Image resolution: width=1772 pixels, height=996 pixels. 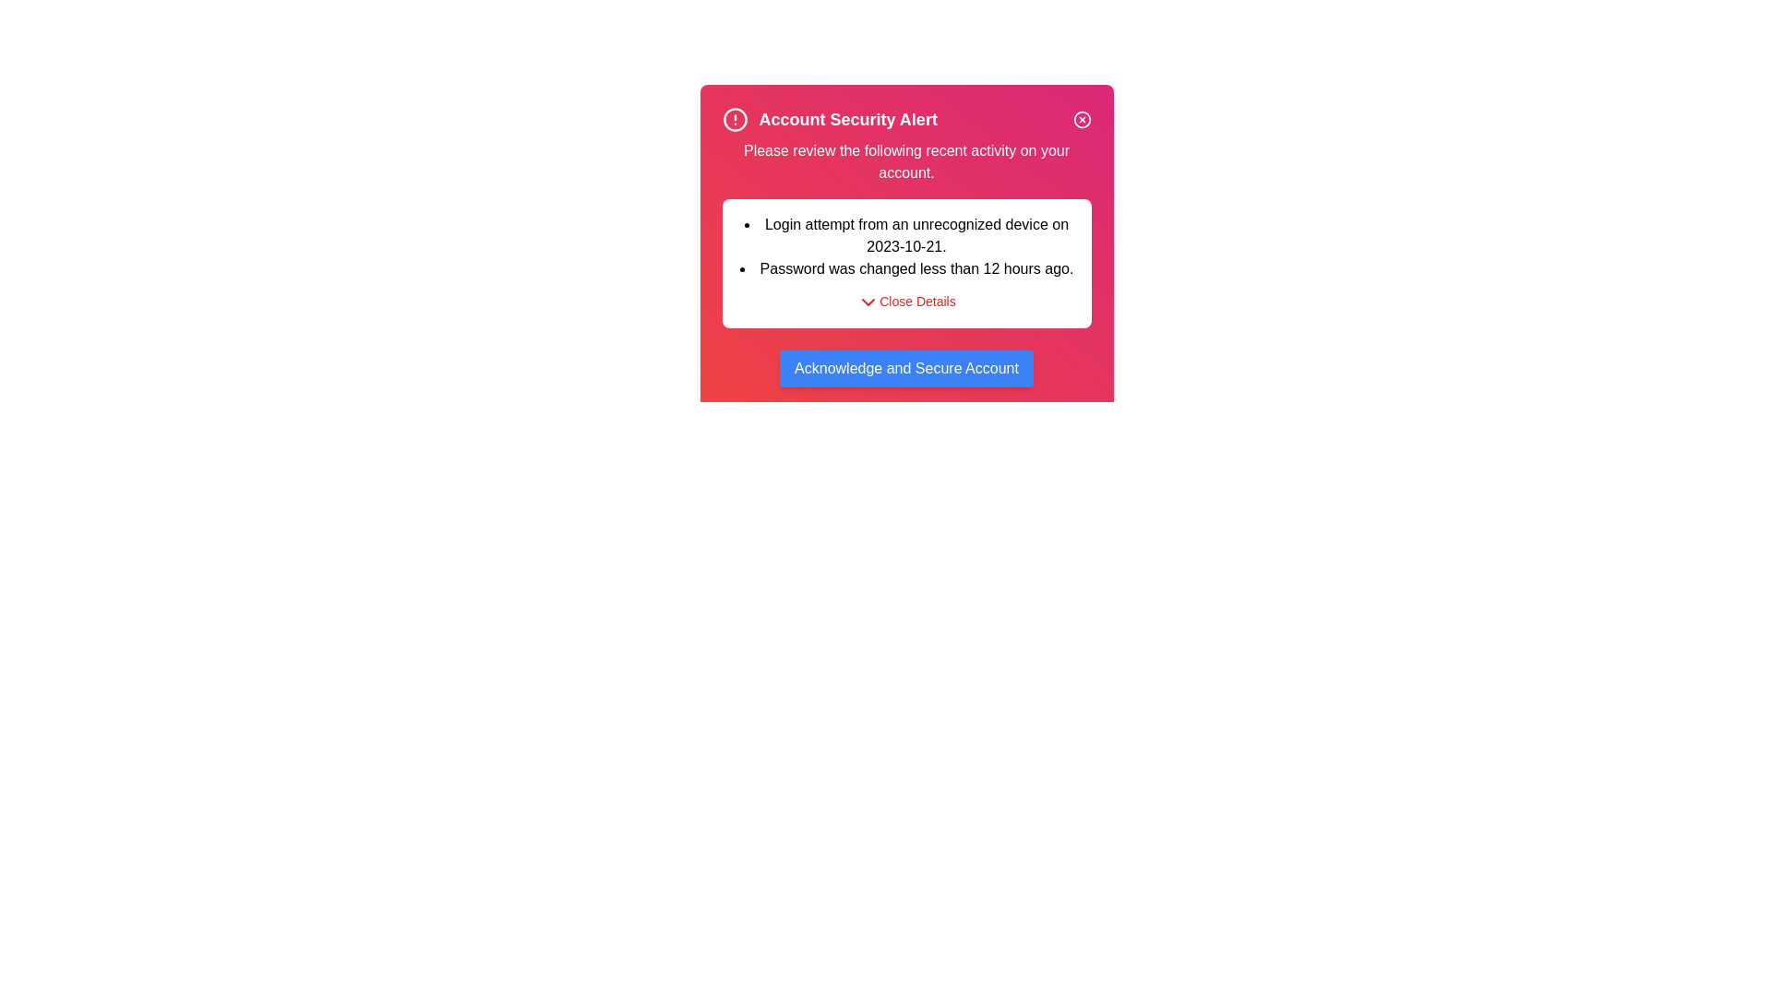 I want to click on the confirmation button located at the bottom of the modal alert box to confirm and proceed with securing the account, so click(x=906, y=369).